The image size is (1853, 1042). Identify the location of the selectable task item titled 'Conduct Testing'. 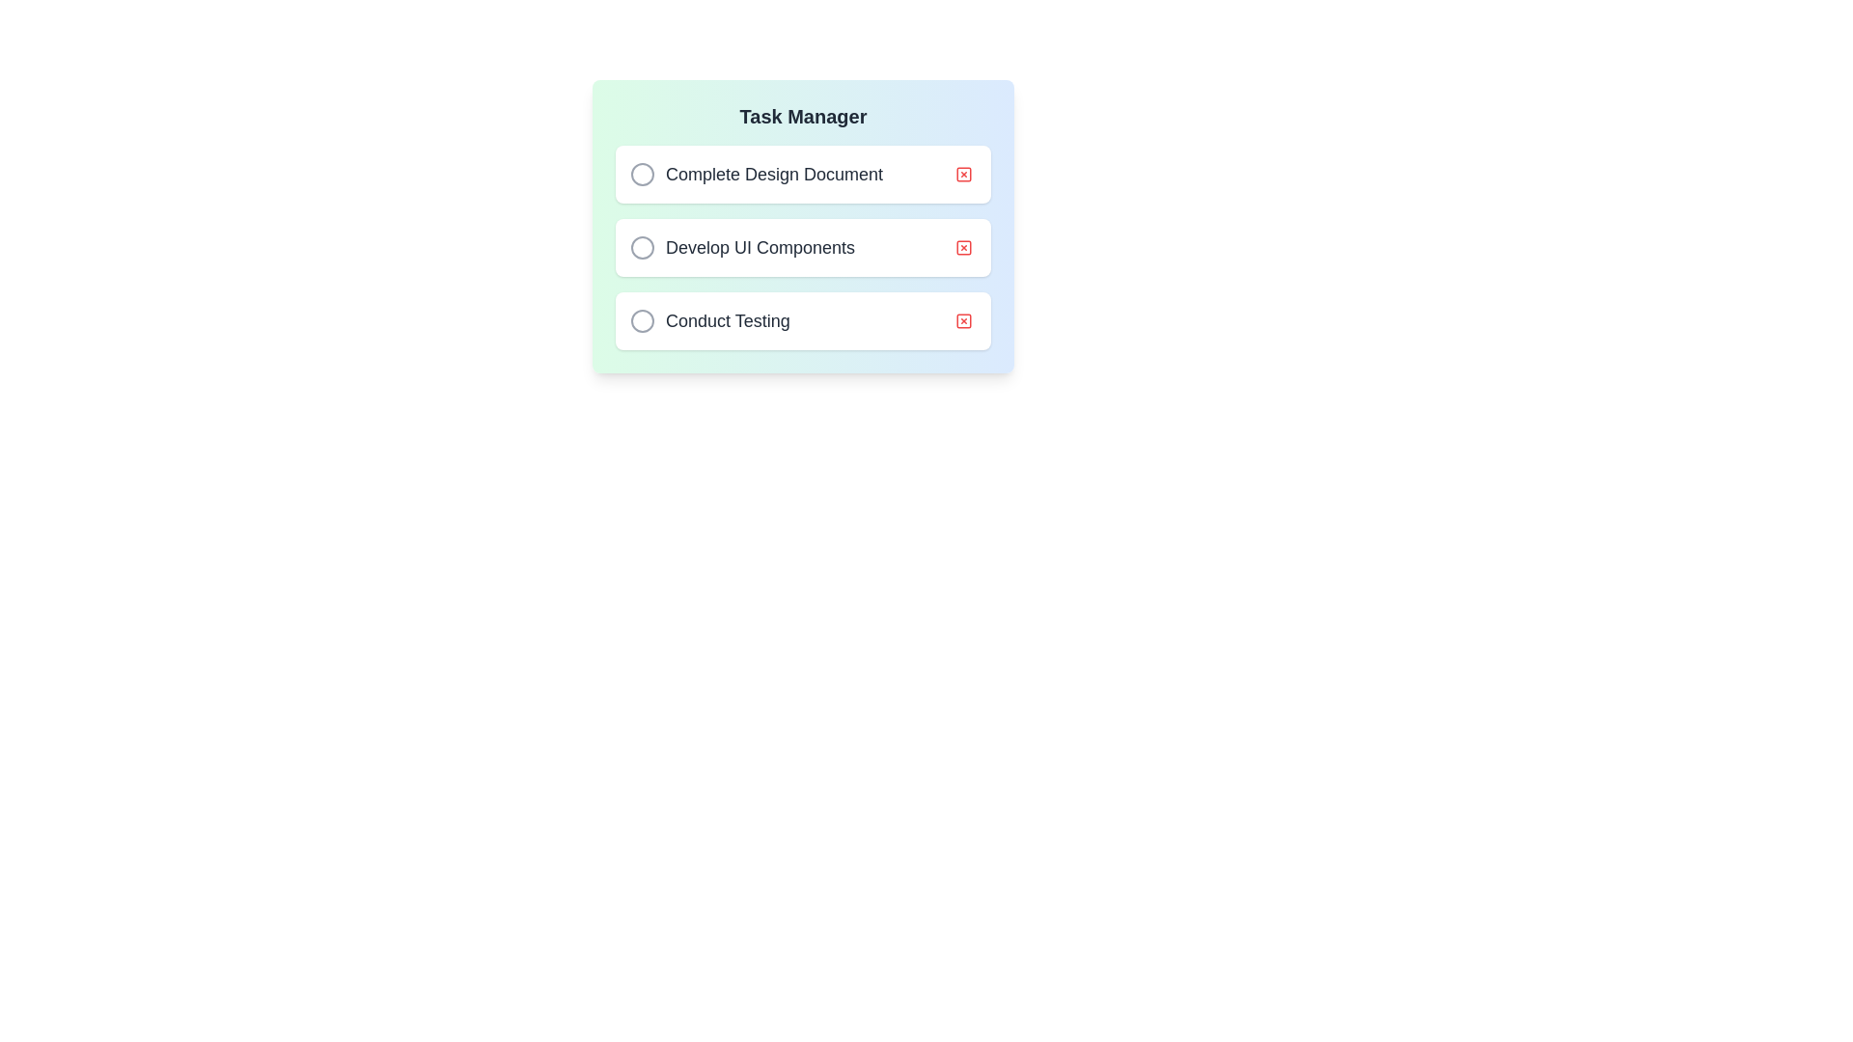
(709, 319).